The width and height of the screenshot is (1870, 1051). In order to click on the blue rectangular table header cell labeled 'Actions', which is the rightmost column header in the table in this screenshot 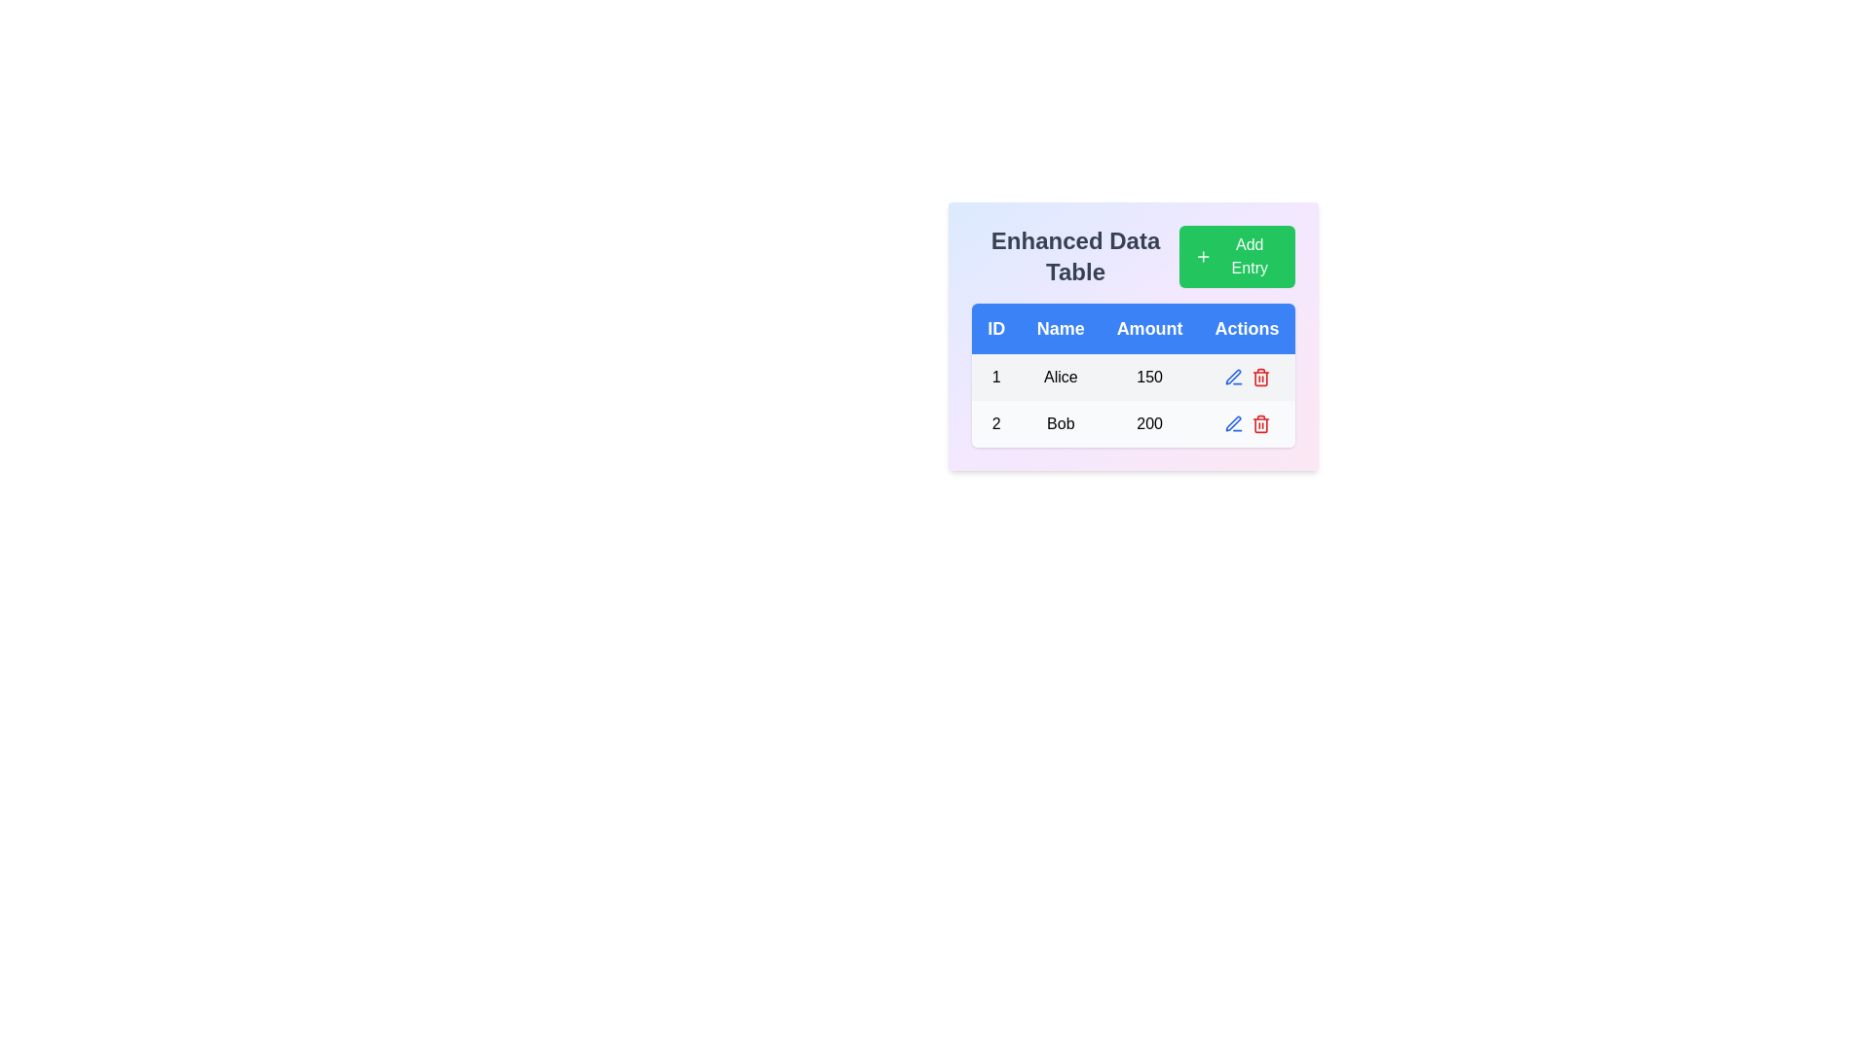, I will do `click(1247, 328)`.